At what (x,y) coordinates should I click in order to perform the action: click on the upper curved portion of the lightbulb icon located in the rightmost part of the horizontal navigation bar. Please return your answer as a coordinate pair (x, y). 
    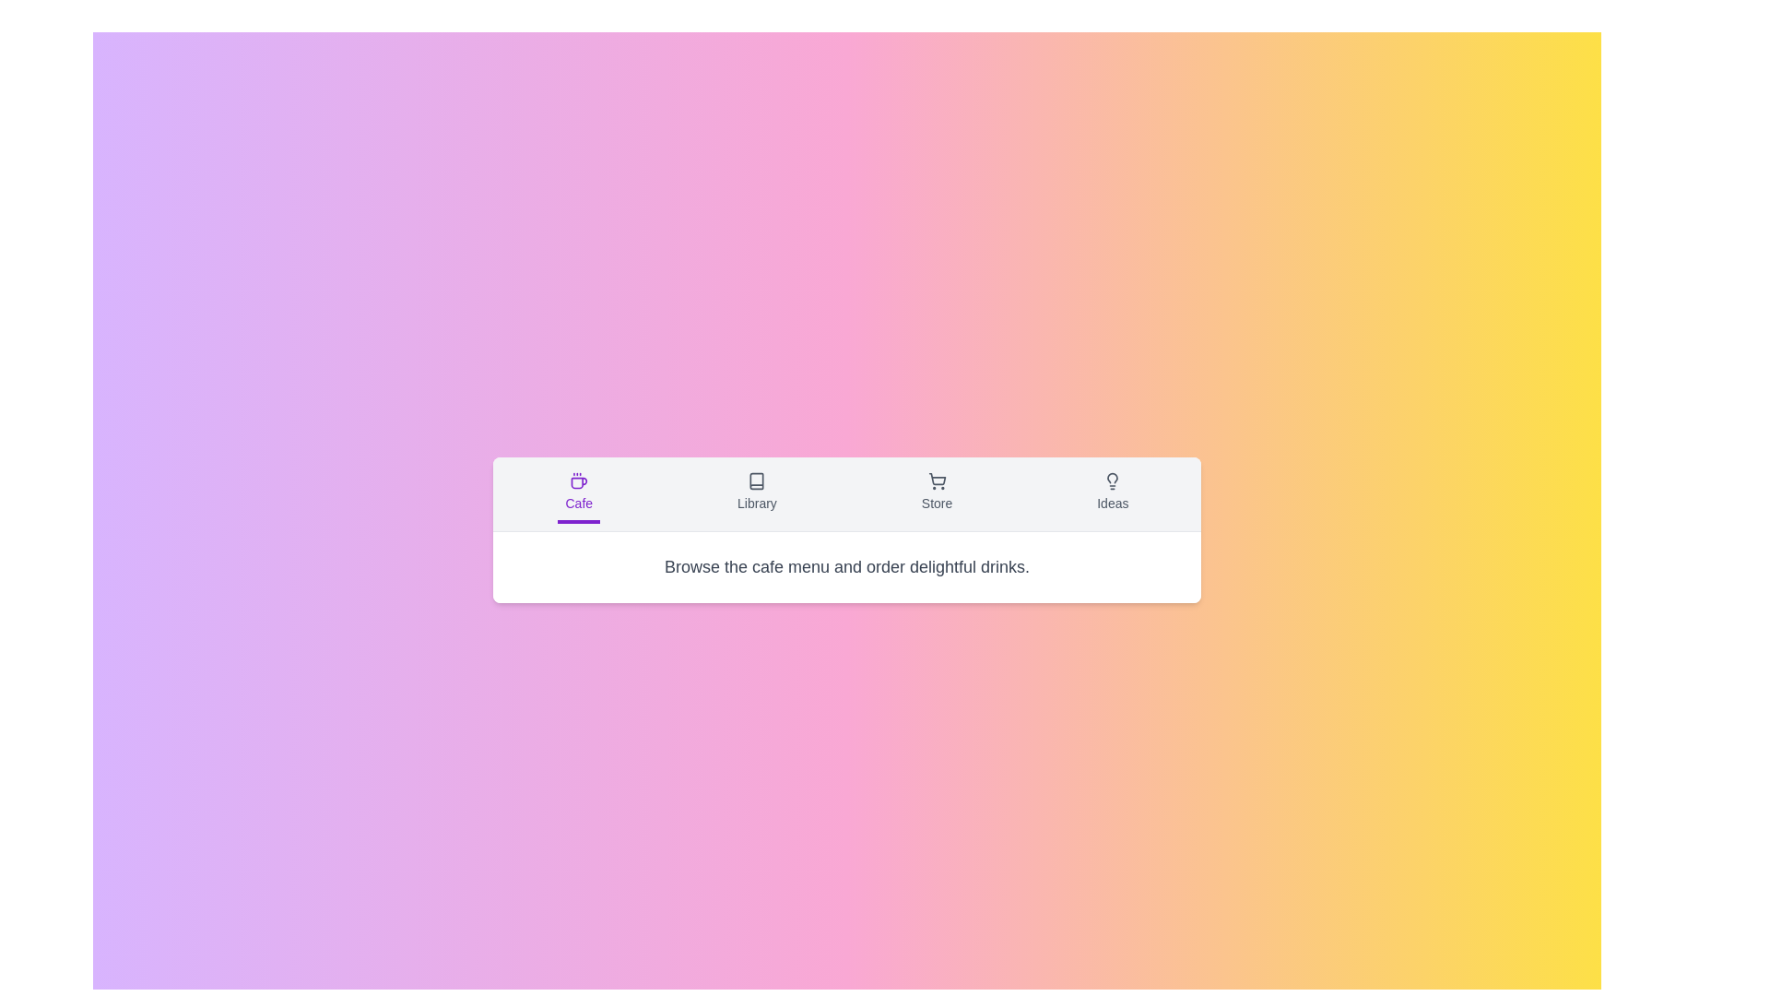
    Looking at the image, I should click on (1112, 477).